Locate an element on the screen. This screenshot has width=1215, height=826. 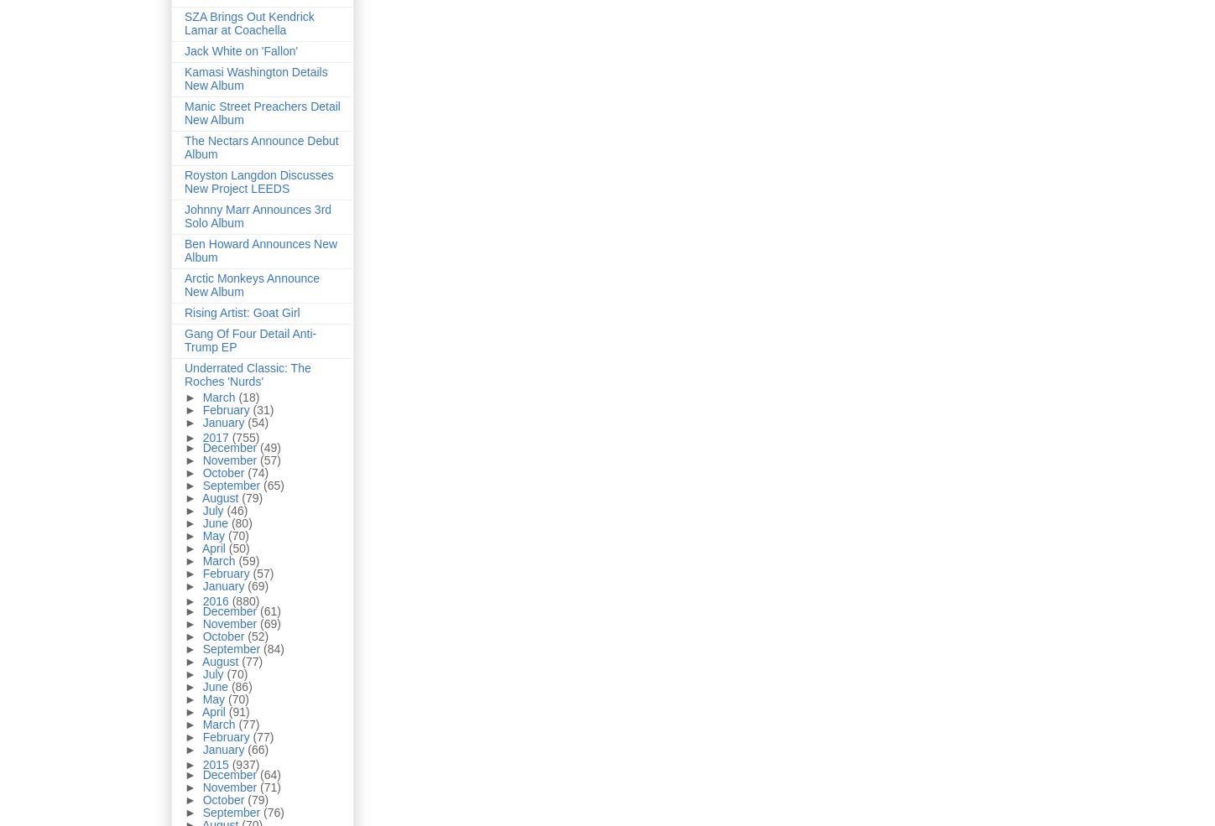
'Ben Howard Announces New Album' is located at coordinates (260, 251).